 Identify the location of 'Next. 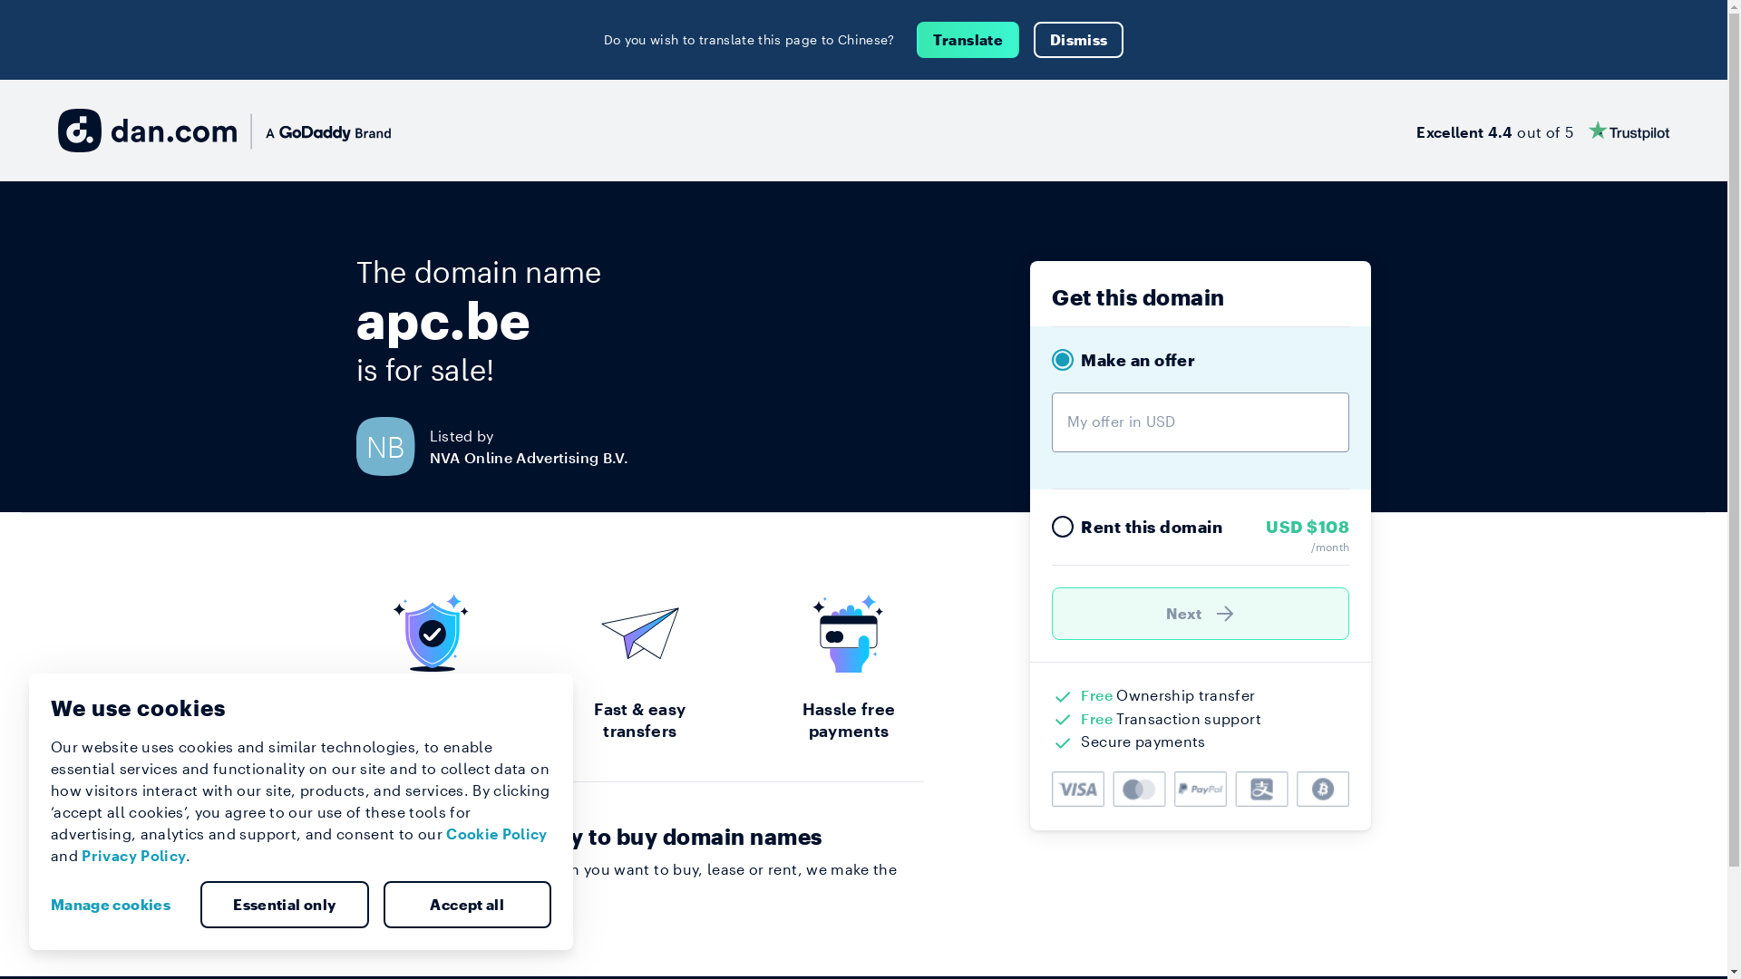
(1201, 613).